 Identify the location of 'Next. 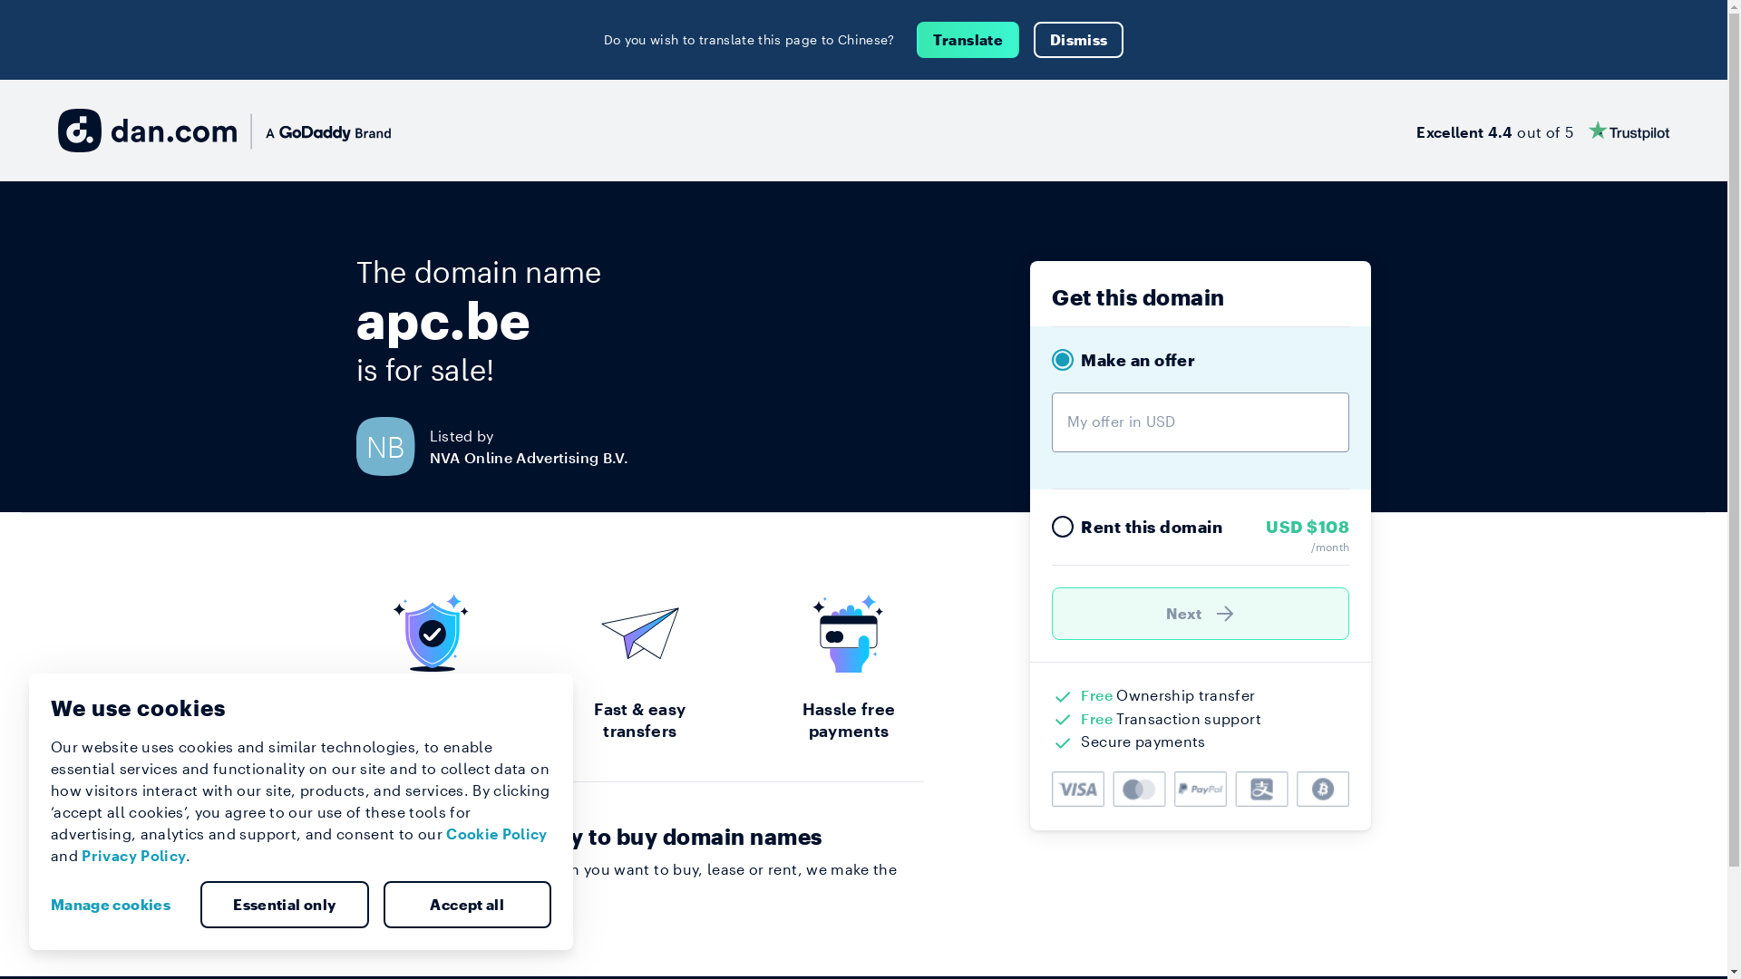
(1201, 613).